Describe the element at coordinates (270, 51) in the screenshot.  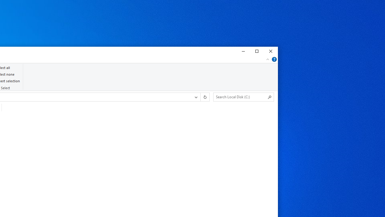
I see `'Close'` at that location.